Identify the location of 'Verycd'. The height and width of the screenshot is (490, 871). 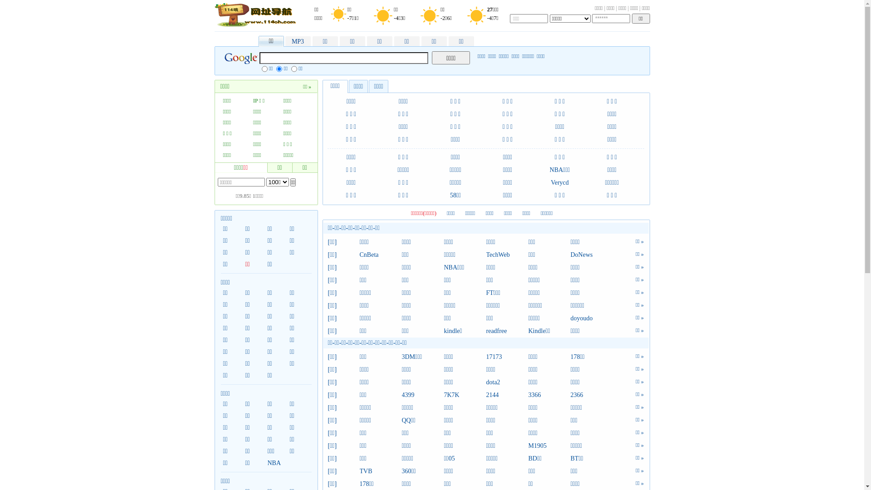
(550, 182).